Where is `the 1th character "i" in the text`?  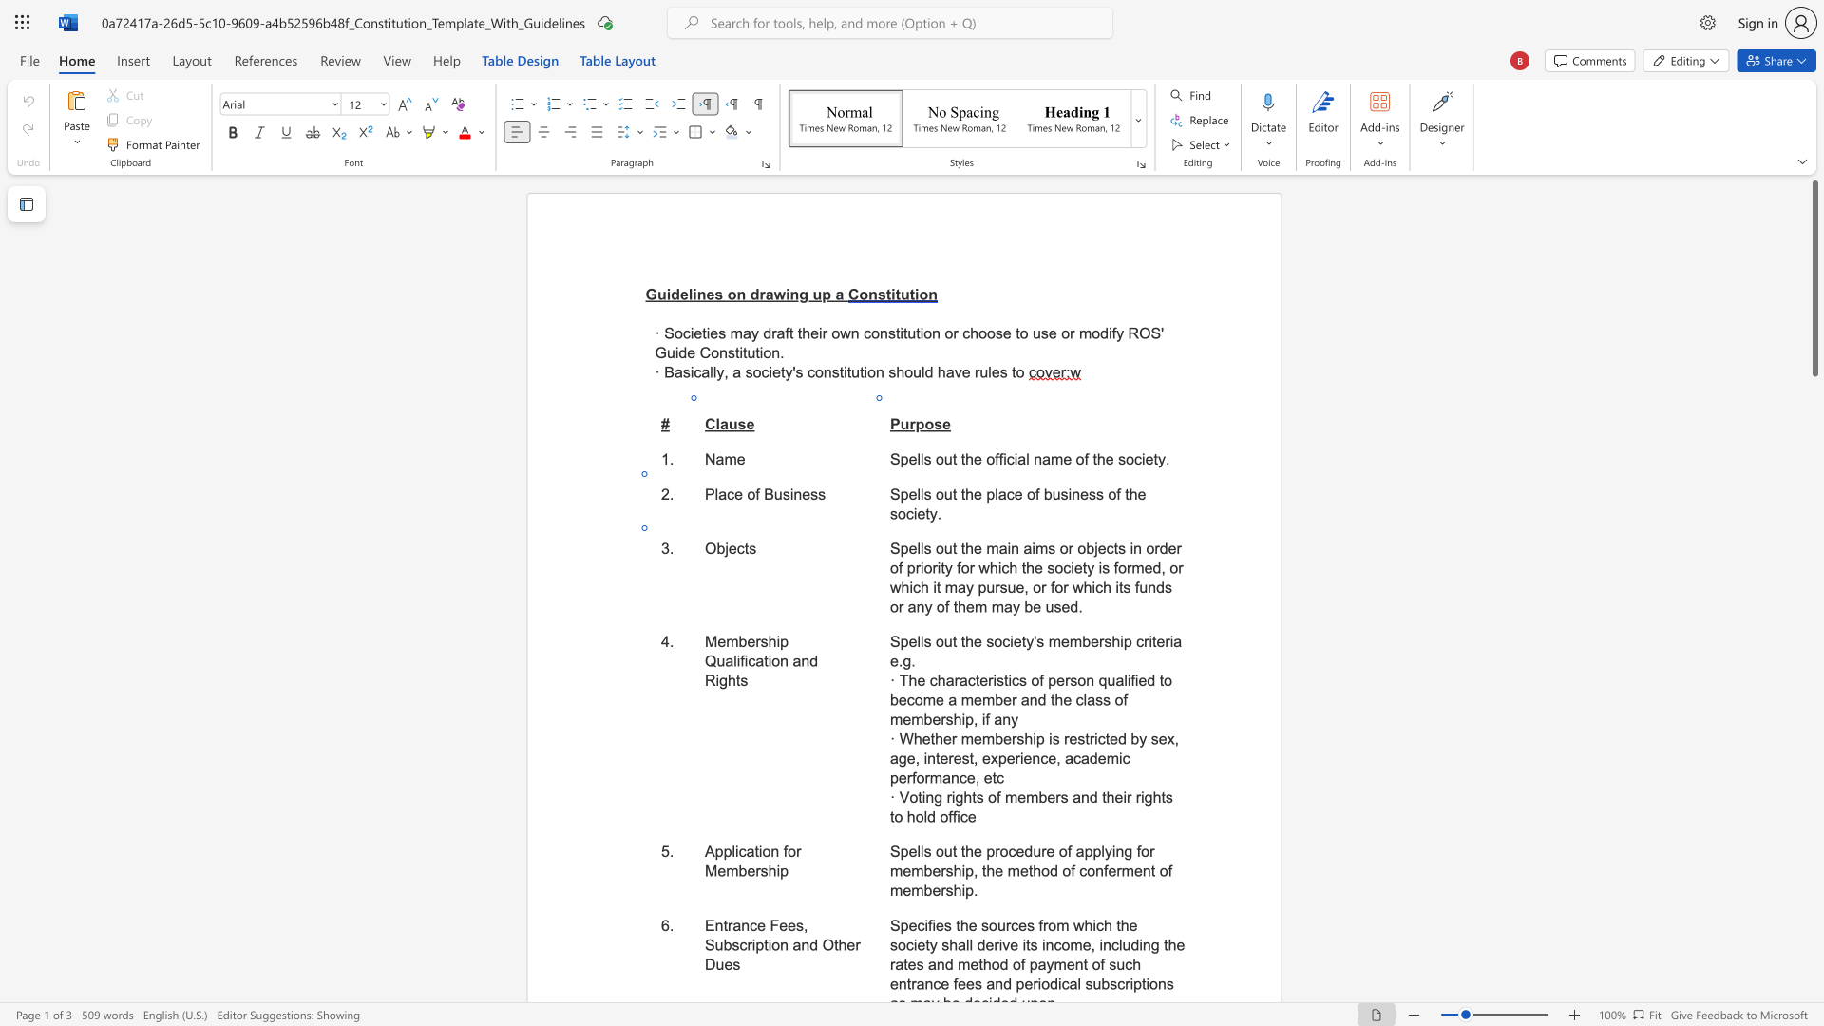 the 1th character "i" in the text is located at coordinates (778, 641).